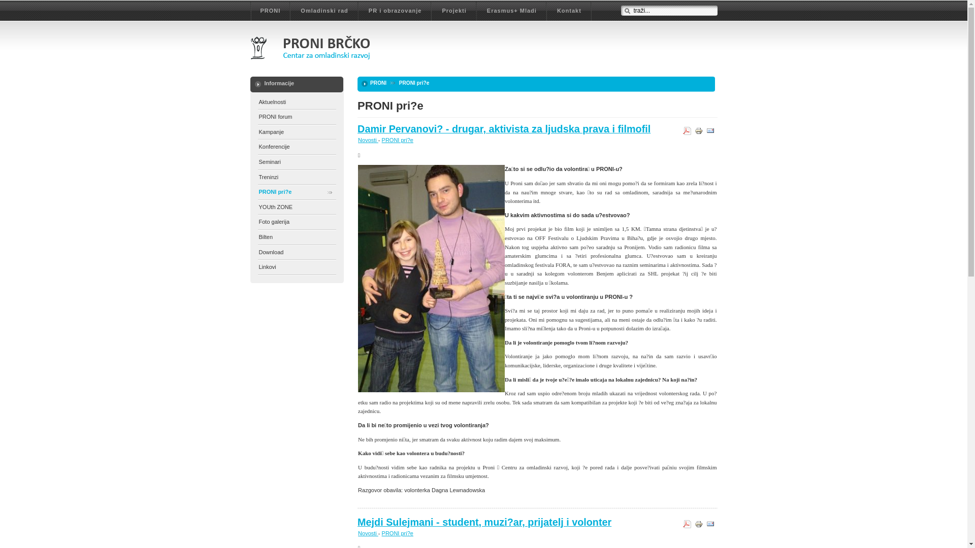  Describe the element at coordinates (323, 12) in the screenshot. I see `'Omladinski rad'` at that location.